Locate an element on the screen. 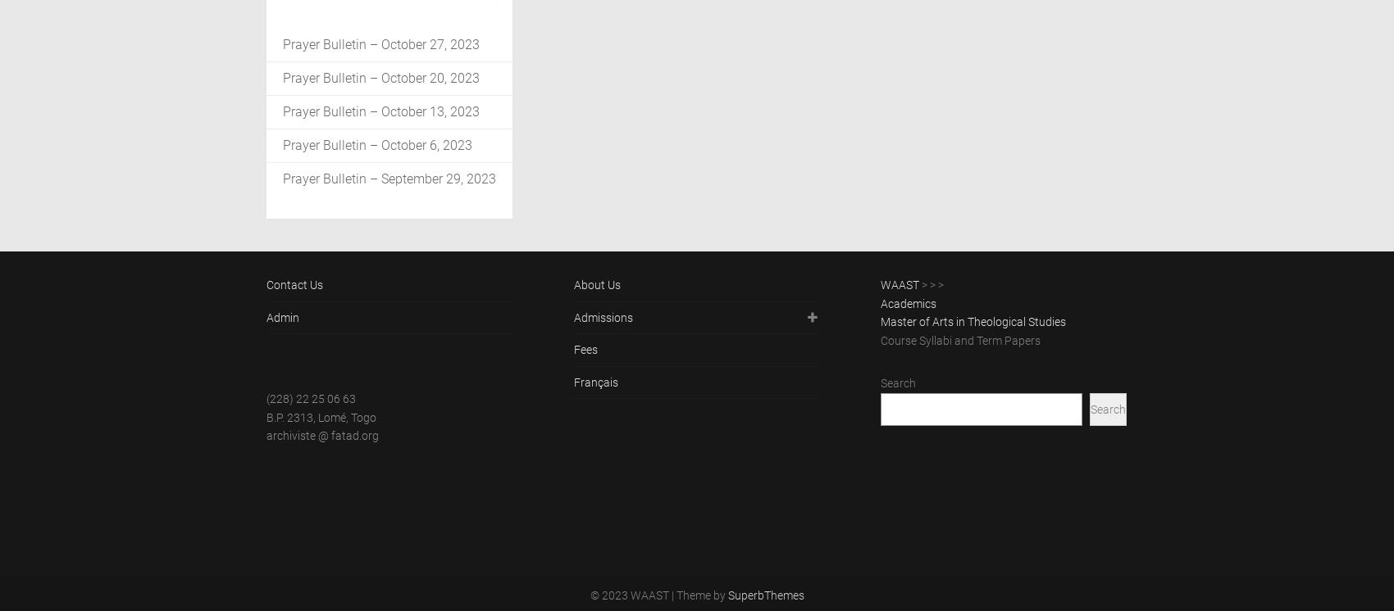  '(228) 22 25 06 63' is located at coordinates (266, 397).